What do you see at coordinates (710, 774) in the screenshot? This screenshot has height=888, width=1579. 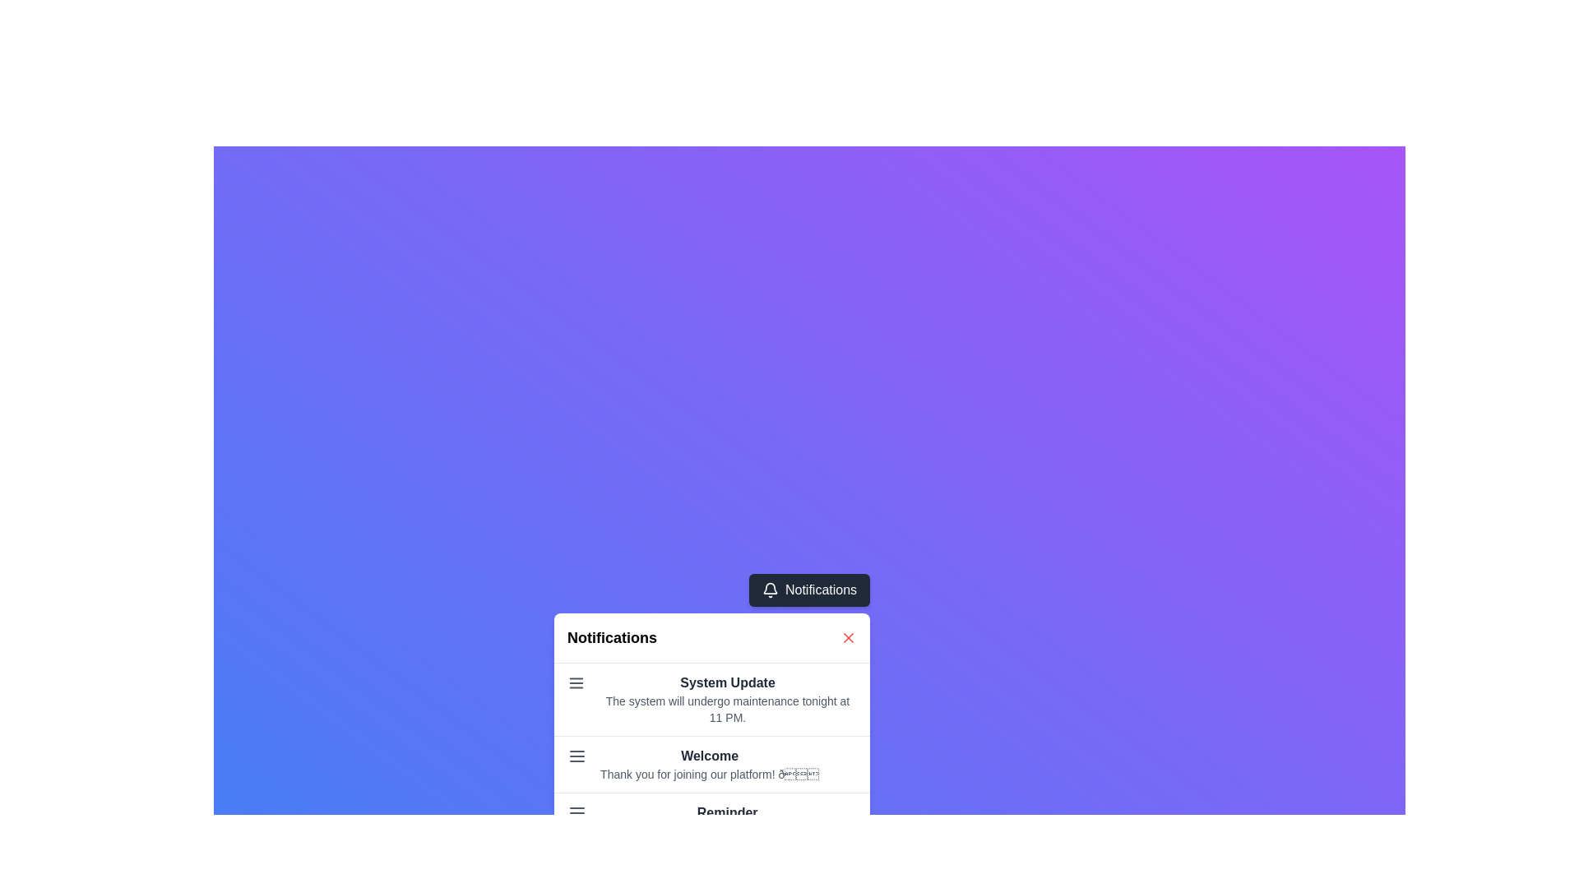 I see `the welcoming message text located below the 'Welcome' title in the second notification item of the notification list` at bounding box center [710, 774].